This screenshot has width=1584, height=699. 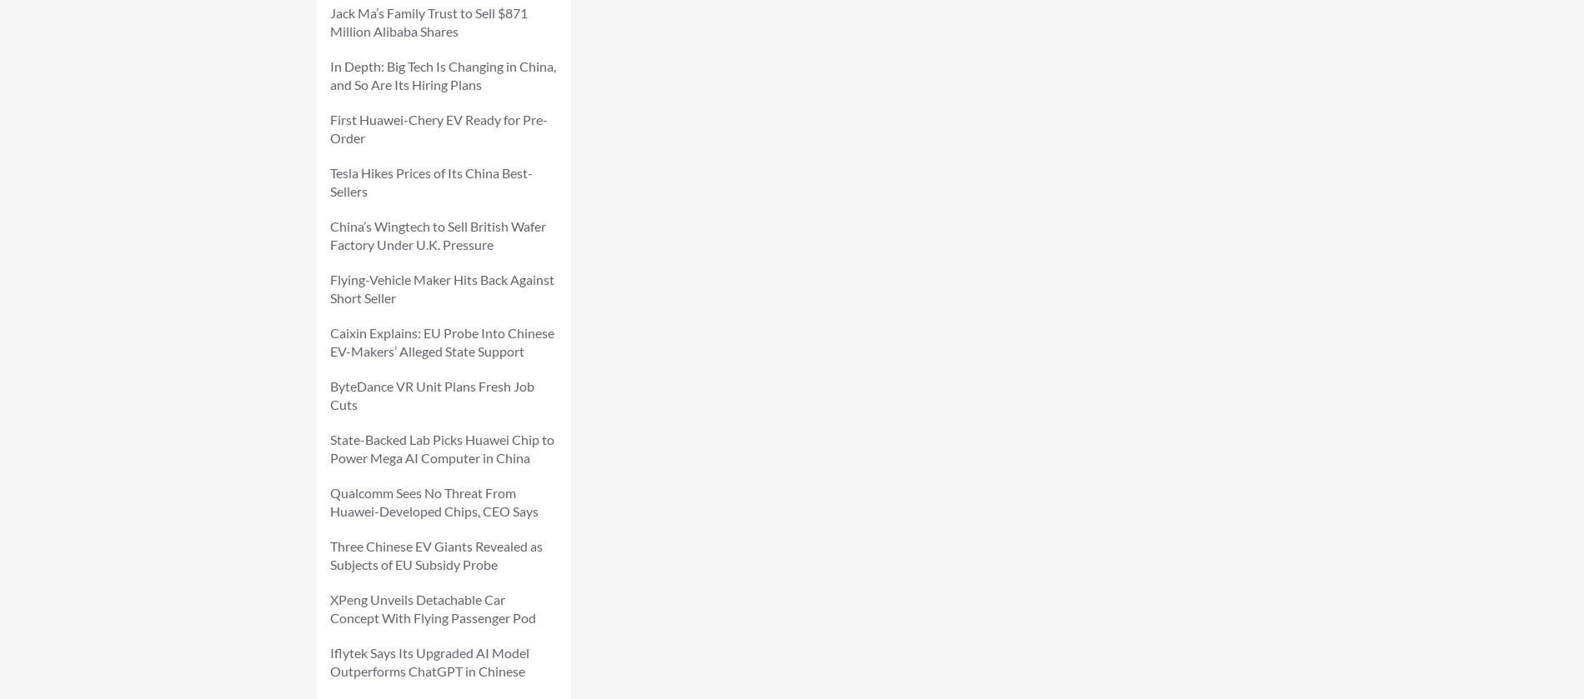 I want to click on 'Iflytek Says Its Upgraded AI Model Outperforms ChatGPT in Chinese', so click(x=429, y=661).